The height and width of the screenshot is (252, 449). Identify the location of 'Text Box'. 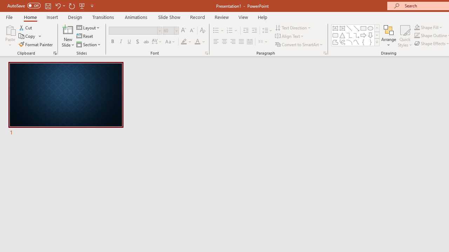
(335, 28).